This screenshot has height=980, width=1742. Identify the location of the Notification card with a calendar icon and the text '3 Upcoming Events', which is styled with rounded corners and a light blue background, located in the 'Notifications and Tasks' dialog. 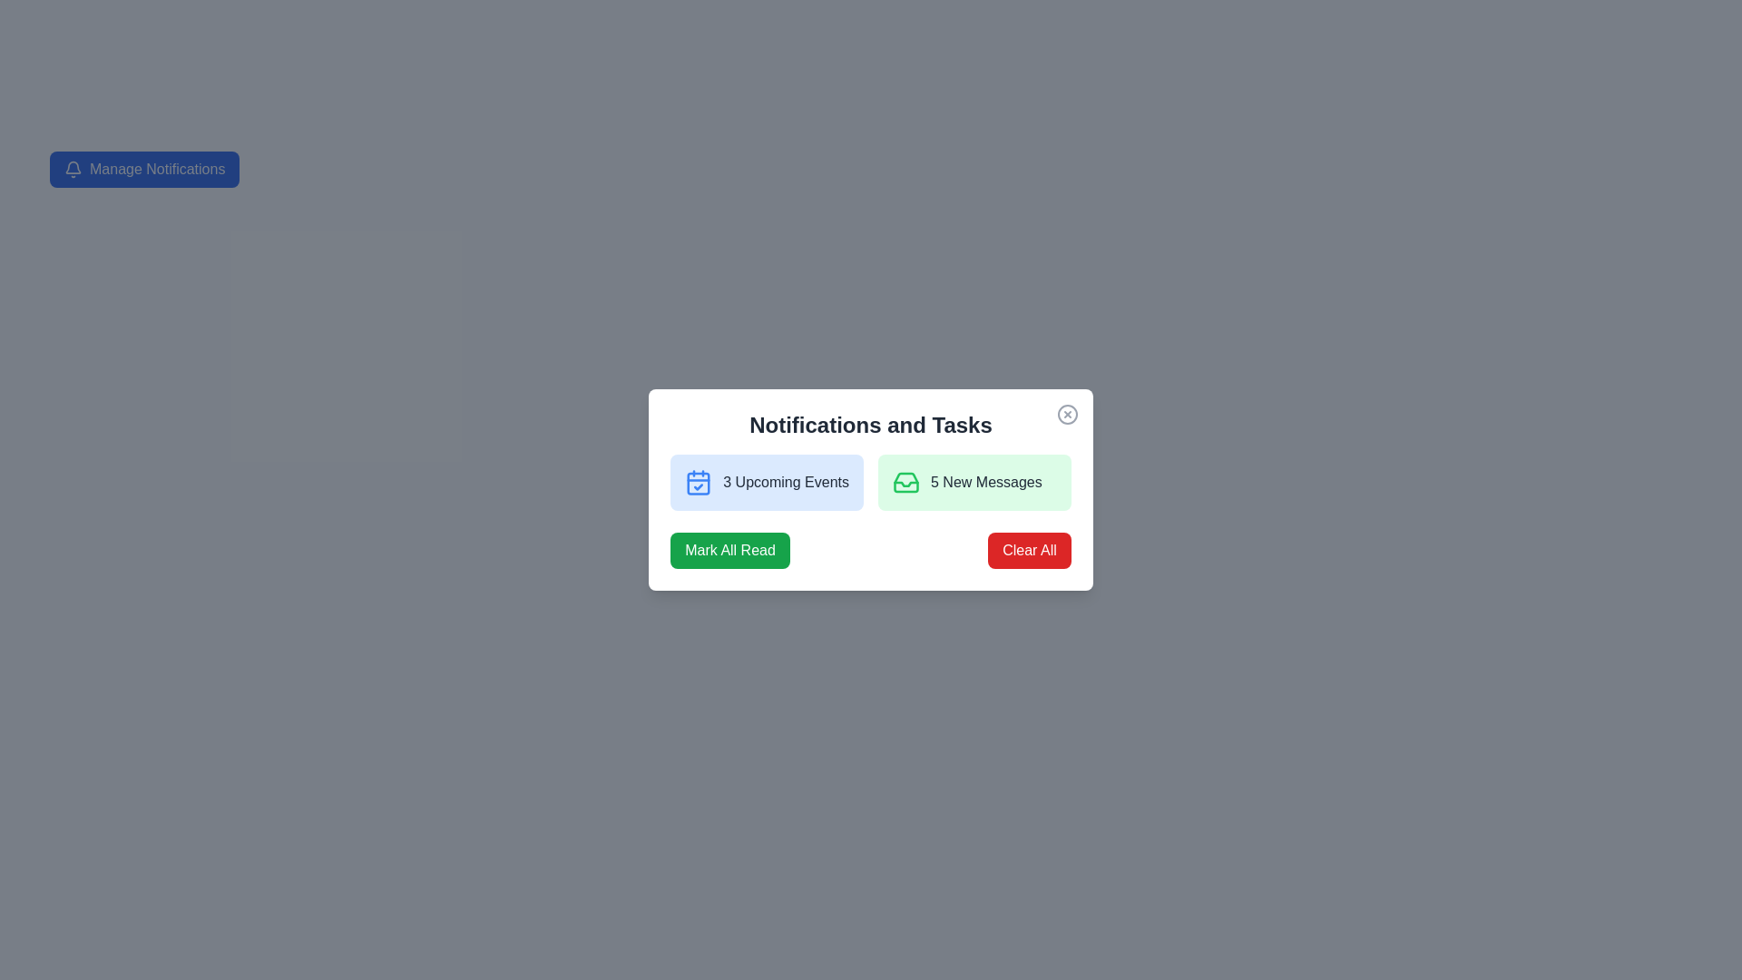
(767, 482).